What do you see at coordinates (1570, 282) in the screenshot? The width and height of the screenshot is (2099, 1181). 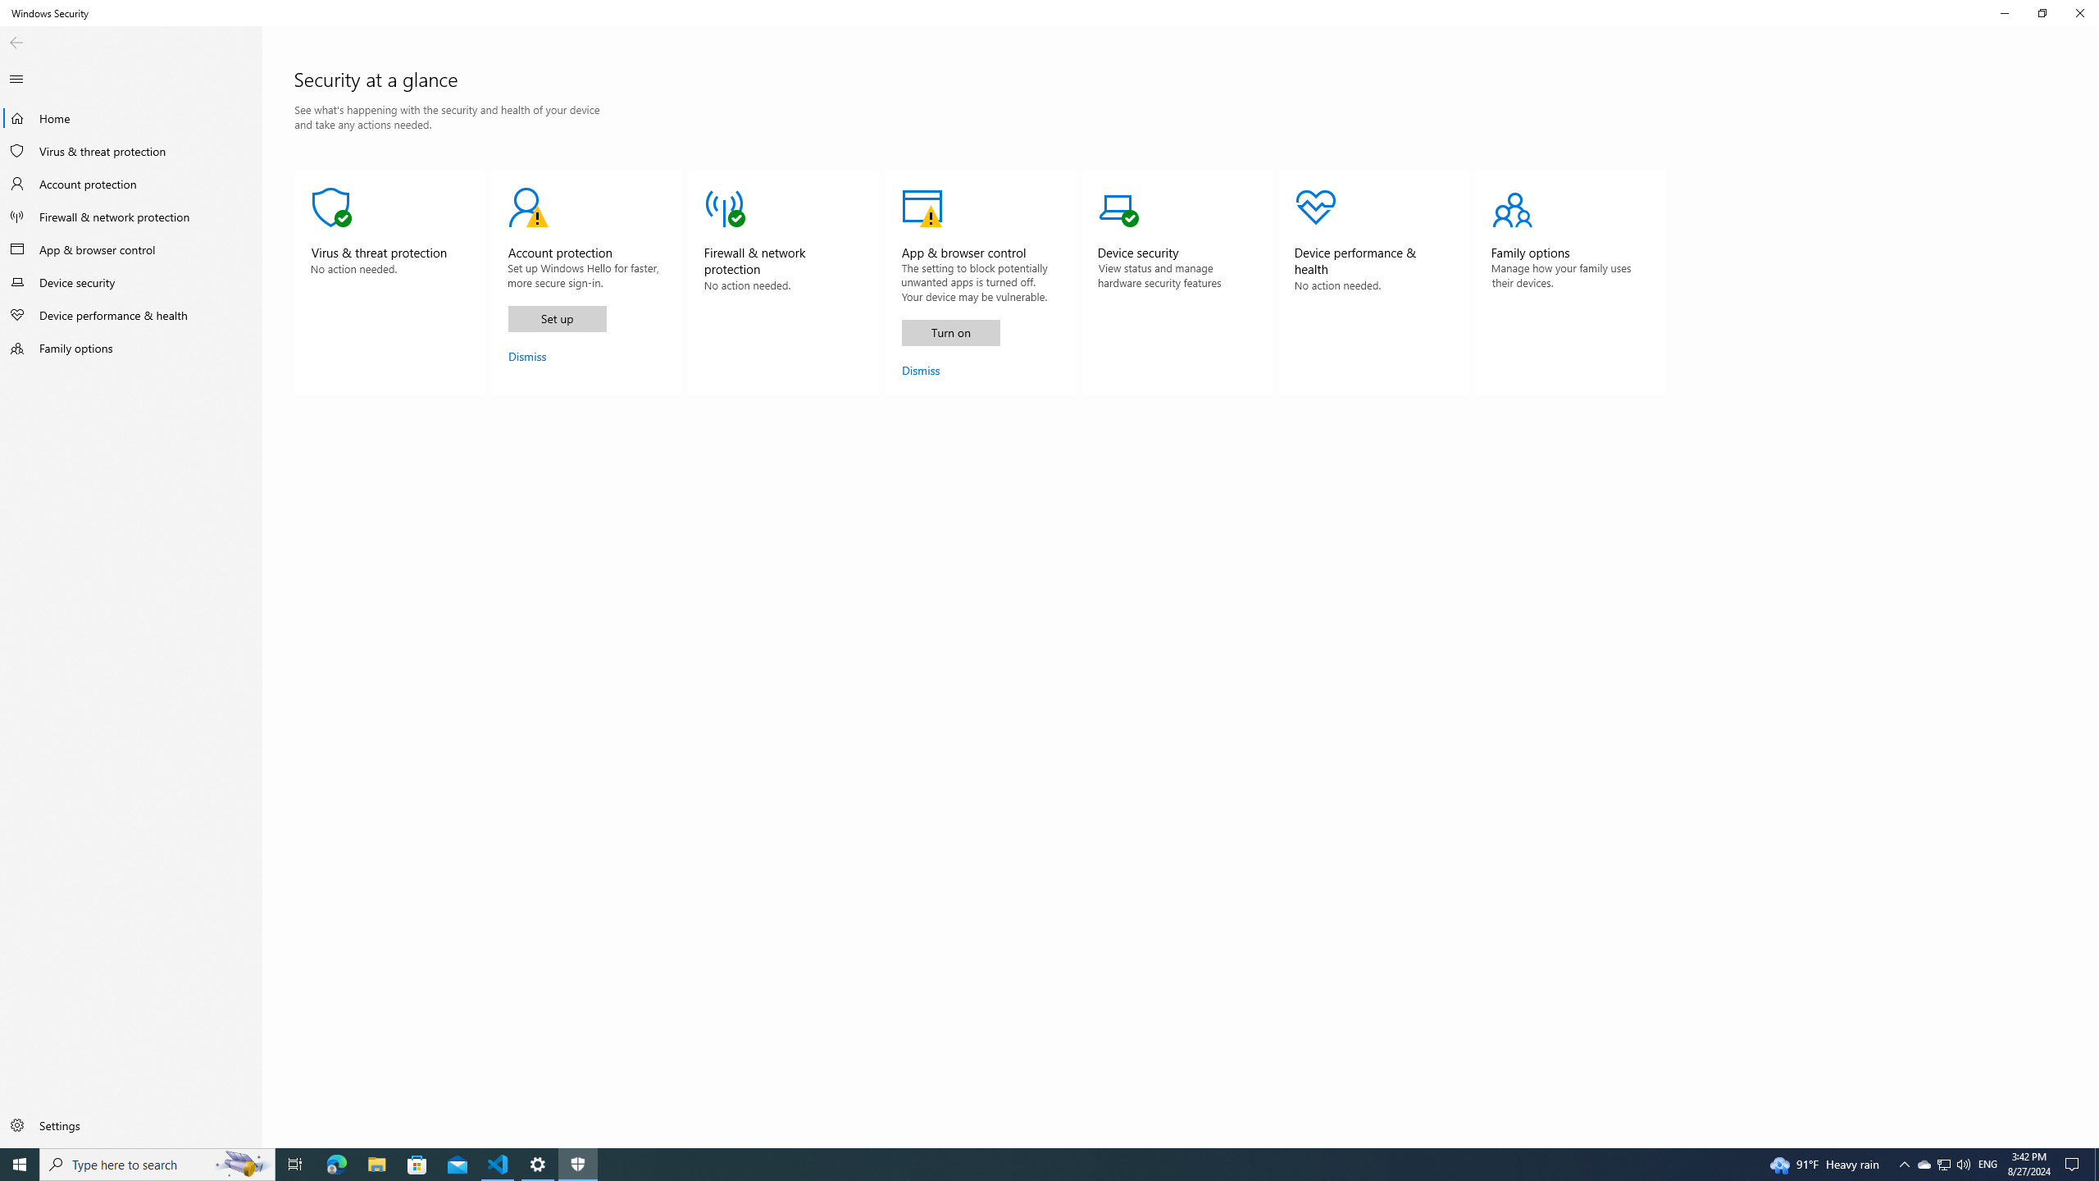 I see `'Family optionsNo action needed.'` at bounding box center [1570, 282].